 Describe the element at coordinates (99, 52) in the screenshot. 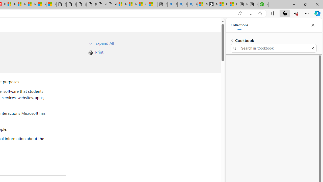

I see `'Print'` at that location.